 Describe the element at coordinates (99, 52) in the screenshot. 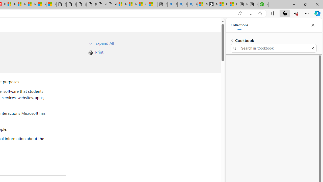

I see `'Print'` at that location.